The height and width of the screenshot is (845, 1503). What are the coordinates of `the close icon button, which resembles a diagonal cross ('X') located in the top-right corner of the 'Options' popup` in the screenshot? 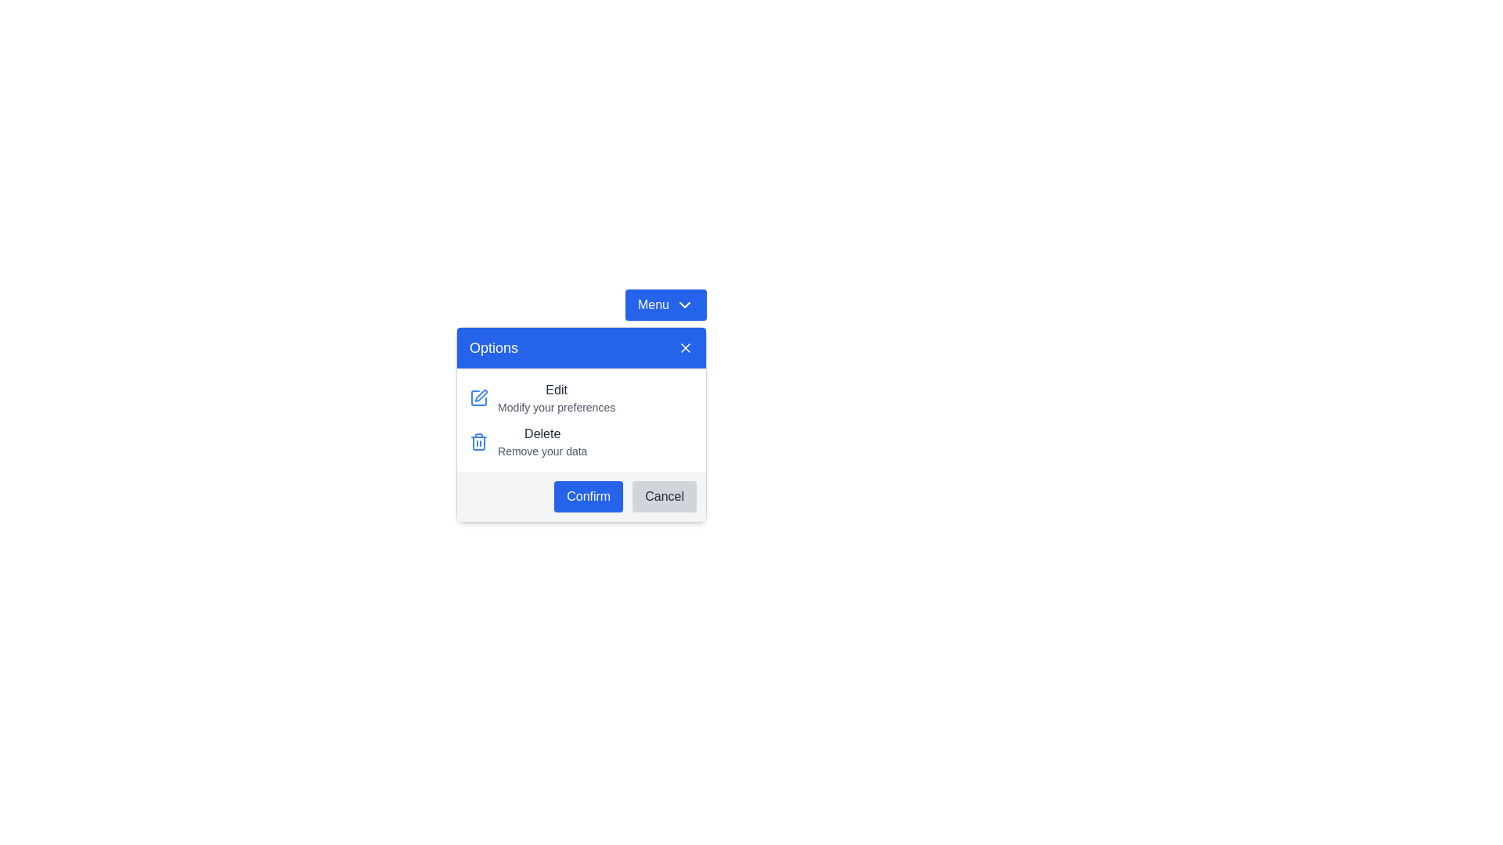 It's located at (686, 347).